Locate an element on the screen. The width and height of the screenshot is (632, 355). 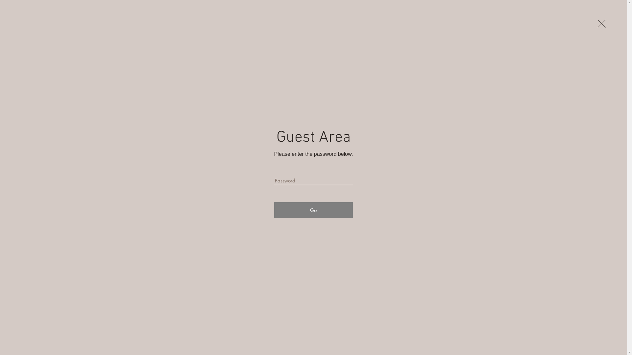
'Go' is located at coordinates (313, 210).